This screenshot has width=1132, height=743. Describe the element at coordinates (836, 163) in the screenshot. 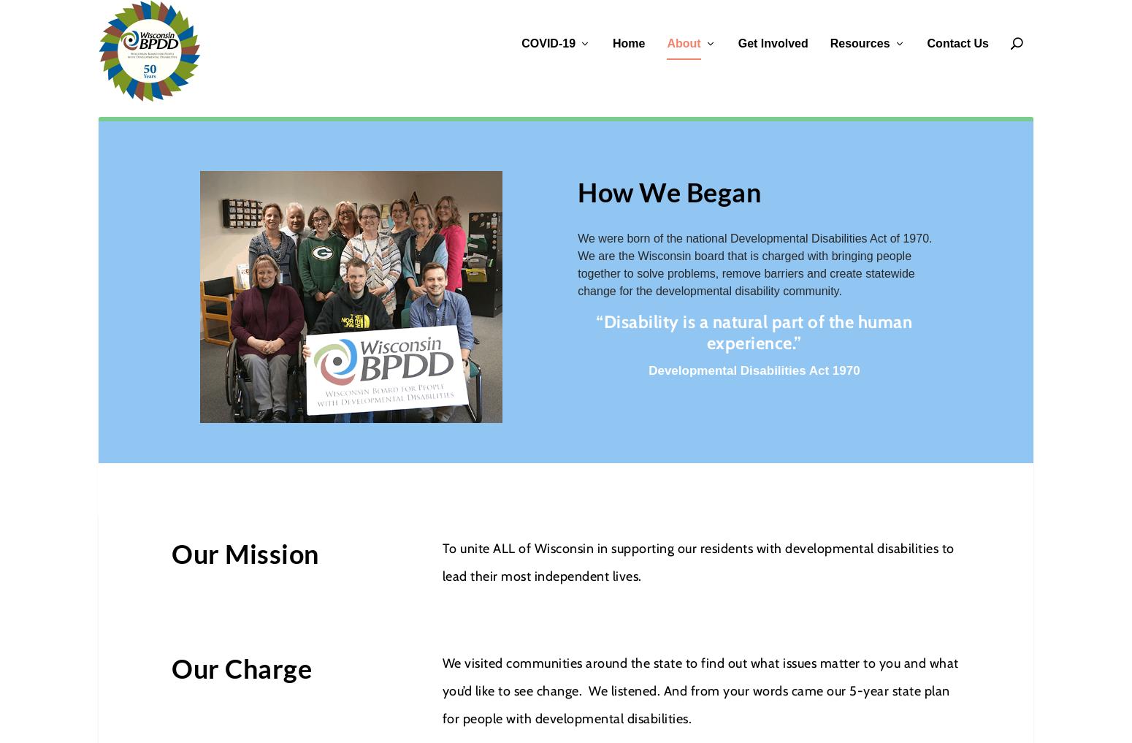

I see `'What’s the Word?'` at that location.